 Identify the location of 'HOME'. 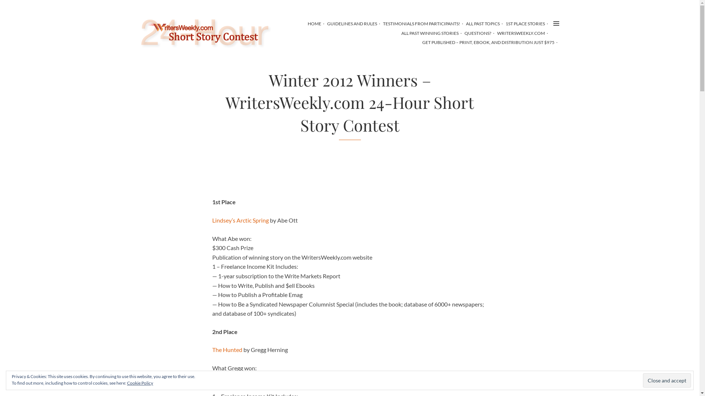
(314, 23).